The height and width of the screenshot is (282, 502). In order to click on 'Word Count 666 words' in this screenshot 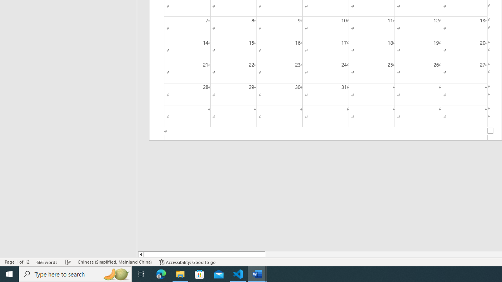, I will do `click(47, 262)`.